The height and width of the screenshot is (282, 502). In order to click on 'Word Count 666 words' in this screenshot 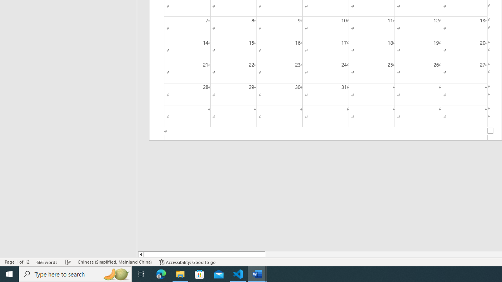, I will do `click(47, 262)`.